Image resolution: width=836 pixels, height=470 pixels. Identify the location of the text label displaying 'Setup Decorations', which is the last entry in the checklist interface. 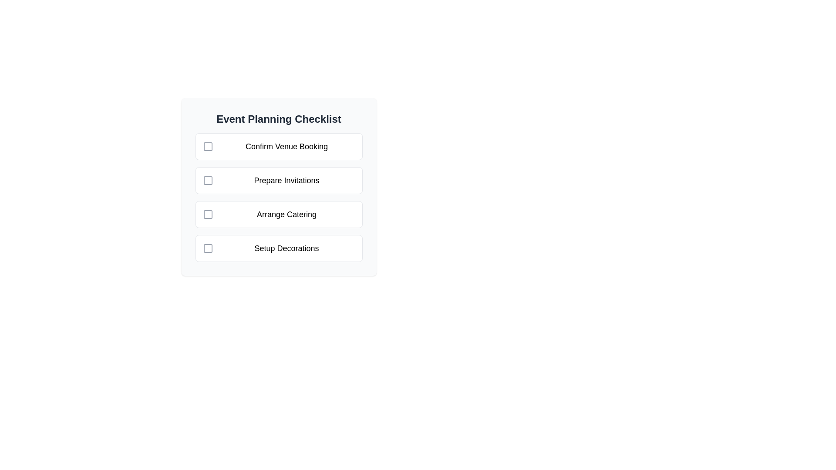
(287, 248).